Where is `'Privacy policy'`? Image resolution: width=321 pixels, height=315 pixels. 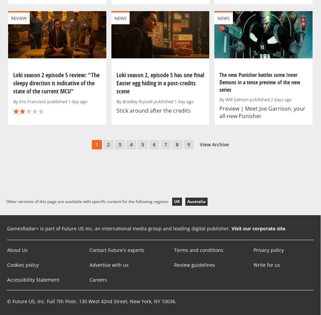
'Privacy policy' is located at coordinates (268, 250).